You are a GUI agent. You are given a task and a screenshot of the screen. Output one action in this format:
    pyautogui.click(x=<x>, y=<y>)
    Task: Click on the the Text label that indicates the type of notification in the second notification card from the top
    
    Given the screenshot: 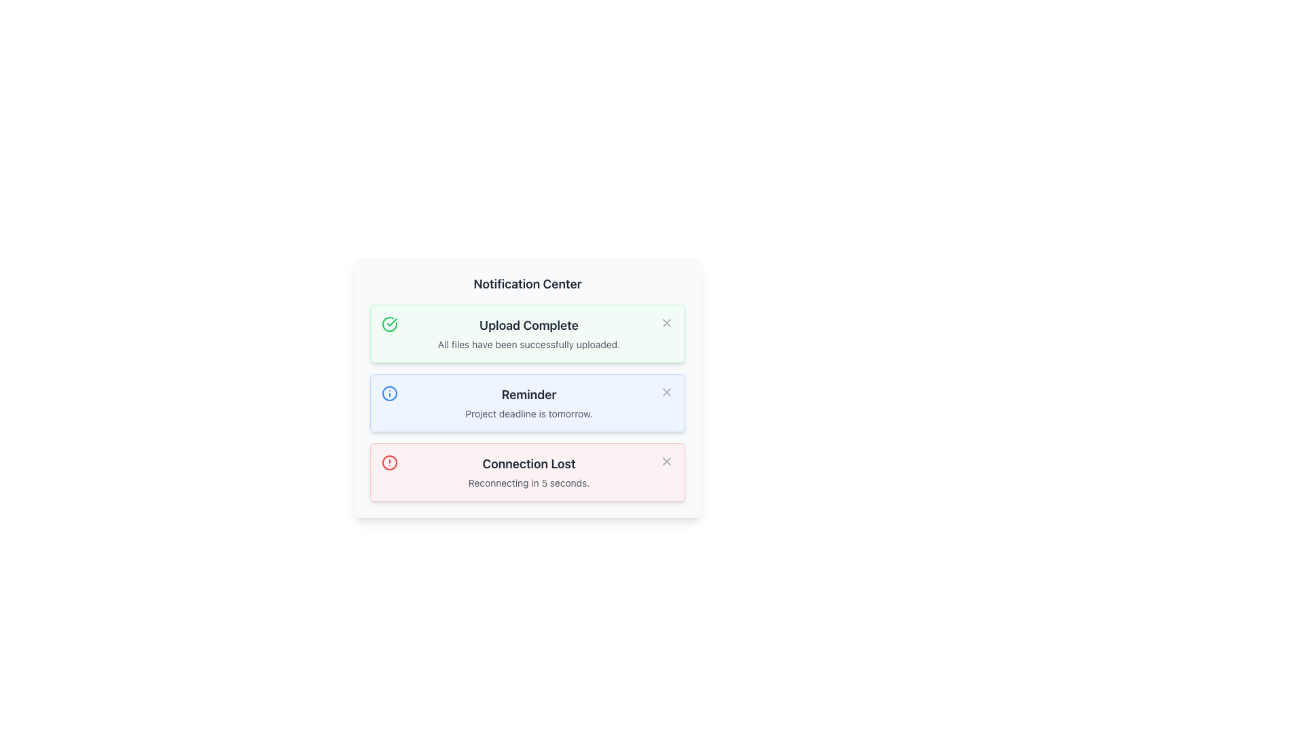 What is the action you would take?
    pyautogui.click(x=528, y=395)
    